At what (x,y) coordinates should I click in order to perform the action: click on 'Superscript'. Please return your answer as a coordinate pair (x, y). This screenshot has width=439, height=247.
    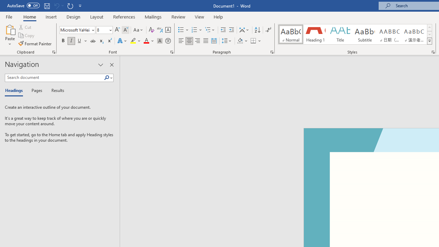
    Looking at the image, I should click on (109, 41).